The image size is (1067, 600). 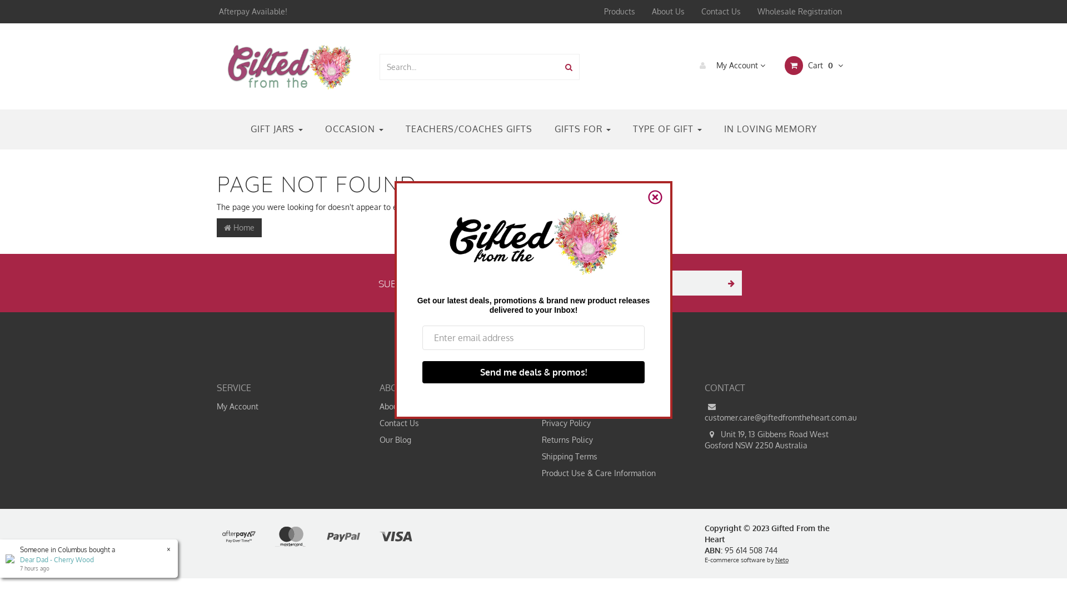 What do you see at coordinates (812, 66) in the screenshot?
I see `'Cart 0'` at bounding box center [812, 66].